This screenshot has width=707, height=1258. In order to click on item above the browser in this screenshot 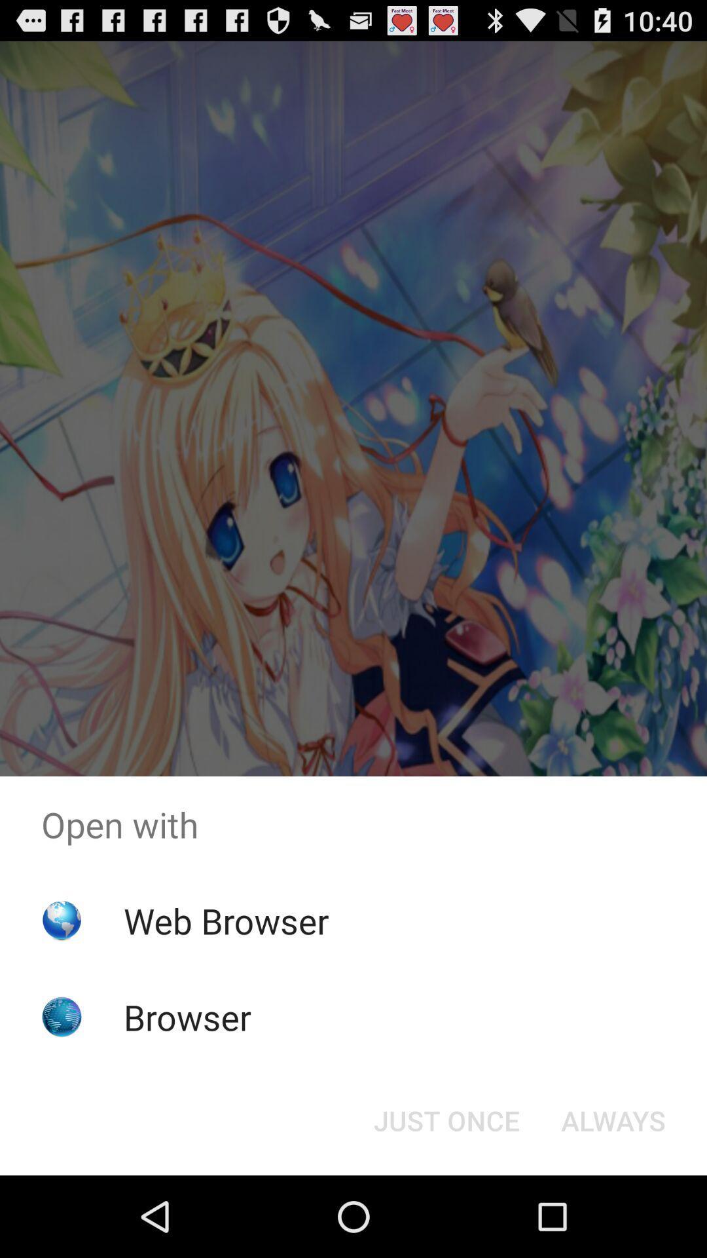, I will do `click(225, 920)`.